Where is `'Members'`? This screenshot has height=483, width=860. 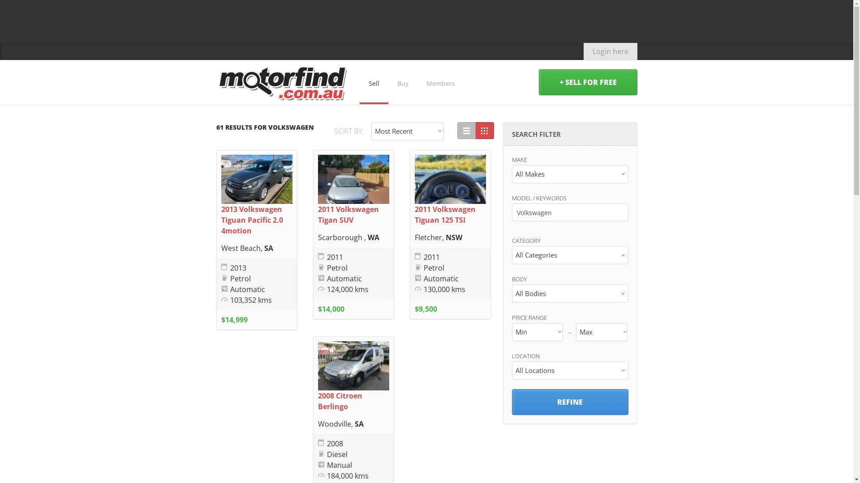 'Members' is located at coordinates (440, 82).